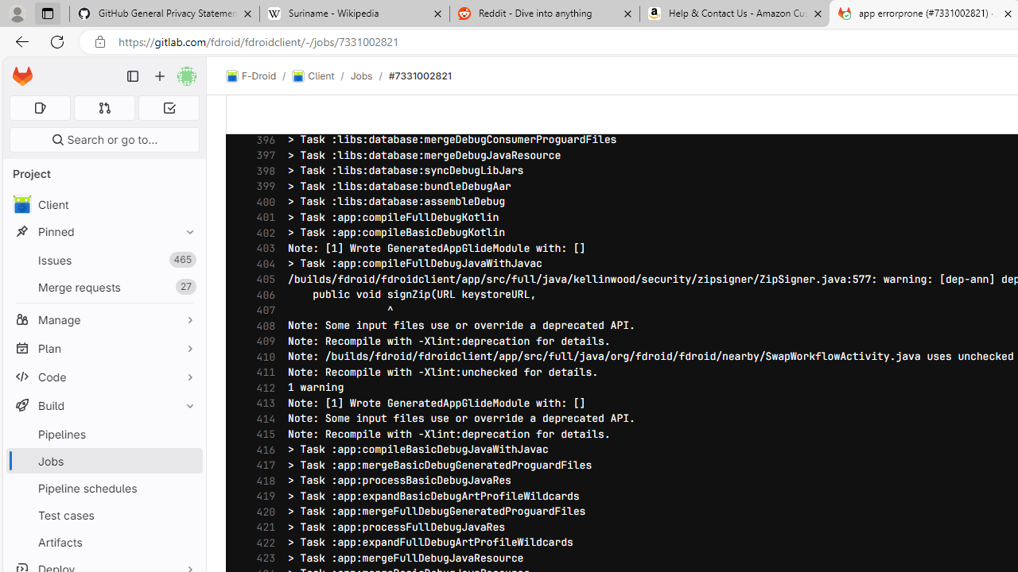  Describe the element at coordinates (321, 76) in the screenshot. I see `'Client/'` at that location.